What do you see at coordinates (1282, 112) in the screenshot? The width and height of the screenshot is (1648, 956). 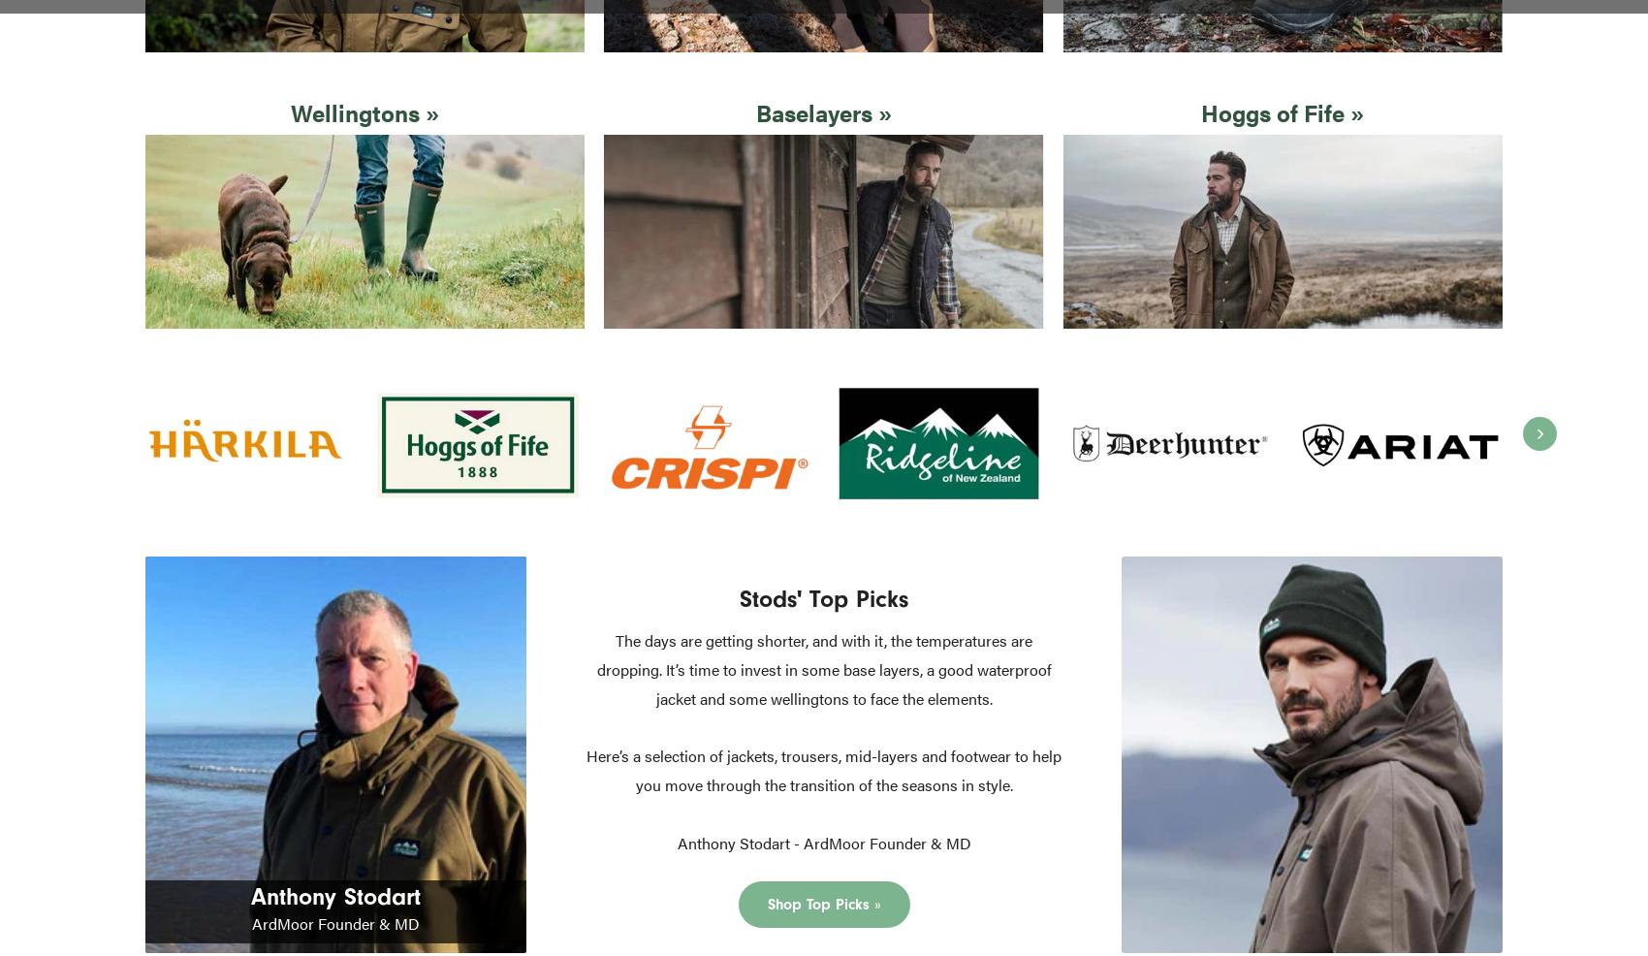 I see `'Hoggs of Fife »'` at bounding box center [1282, 112].